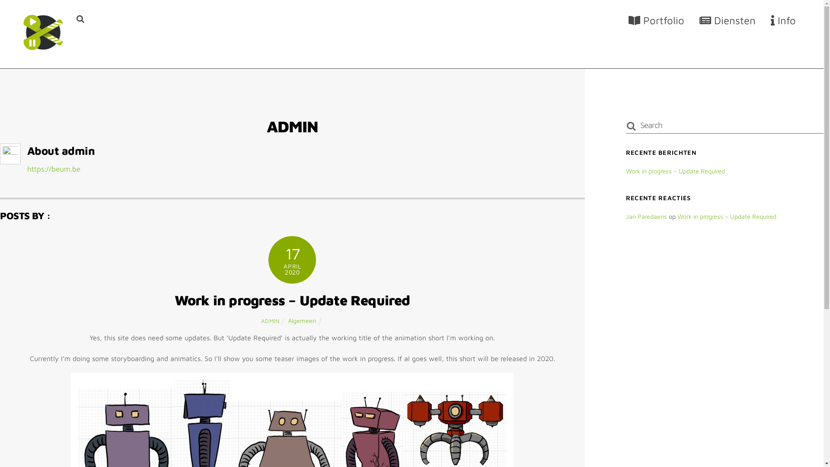 The width and height of the screenshot is (830, 467). I want to click on 'Portfolio', so click(656, 20).